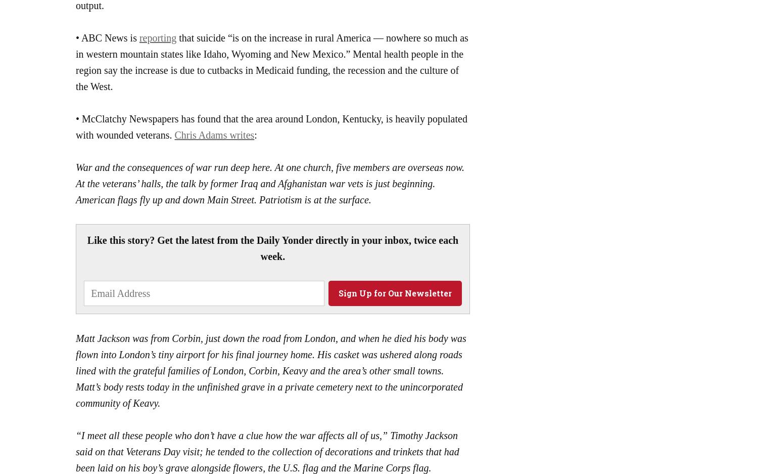 The height and width of the screenshot is (474, 758). I want to click on '• McClatchy Newspapers has found that the area around London, Kentucky, is heavily populated with wounded veterans.', so click(76, 125).